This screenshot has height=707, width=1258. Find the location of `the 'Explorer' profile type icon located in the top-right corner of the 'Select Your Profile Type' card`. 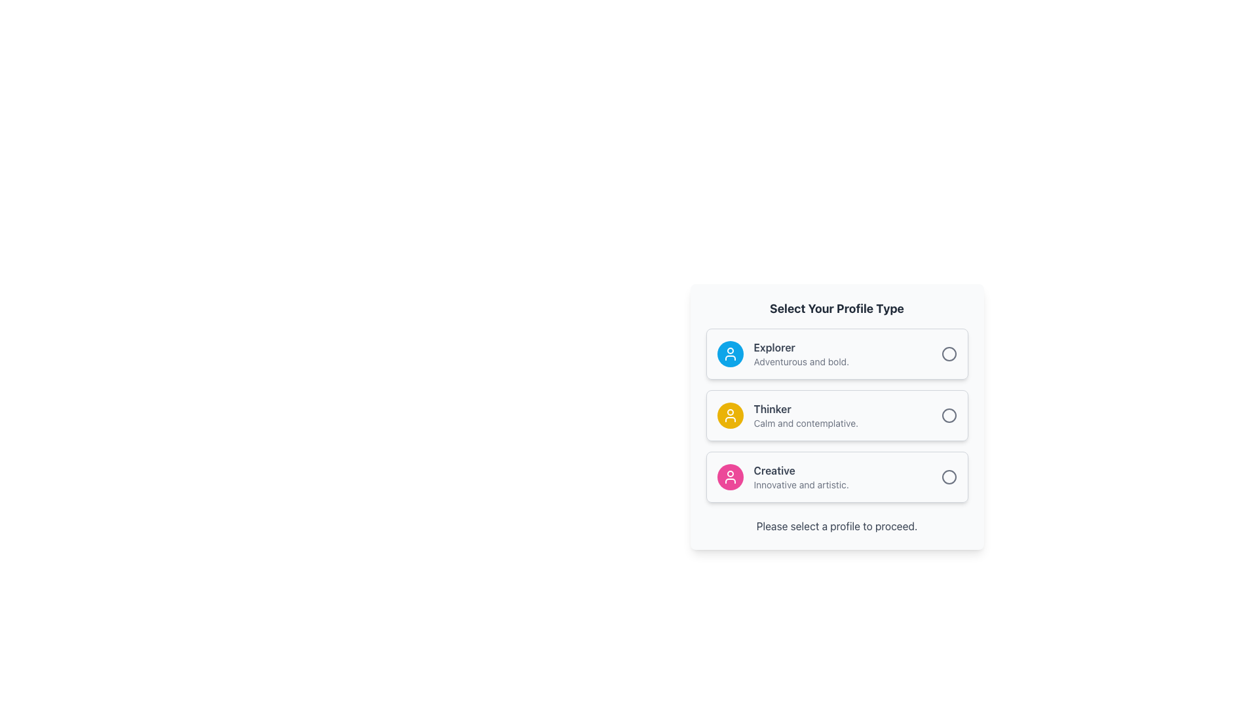

the 'Explorer' profile type icon located in the top-right corner of the 'Select Your Profile Type' card is located at coordinates (729, 416).